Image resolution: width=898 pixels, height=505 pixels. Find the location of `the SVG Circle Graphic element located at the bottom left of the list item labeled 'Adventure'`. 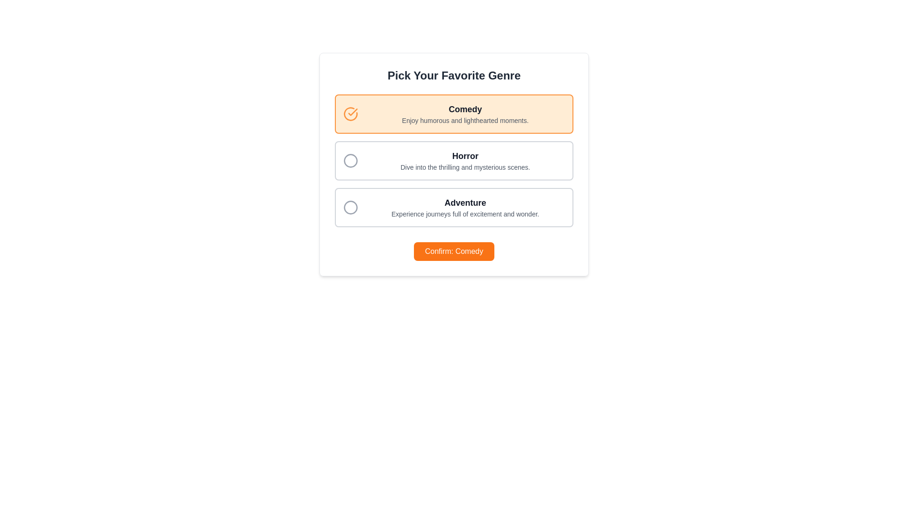

the SVG Circle Graphic element located at the bottom left of the list item labeled 'Adventure' is located at coordinates (350, 207).